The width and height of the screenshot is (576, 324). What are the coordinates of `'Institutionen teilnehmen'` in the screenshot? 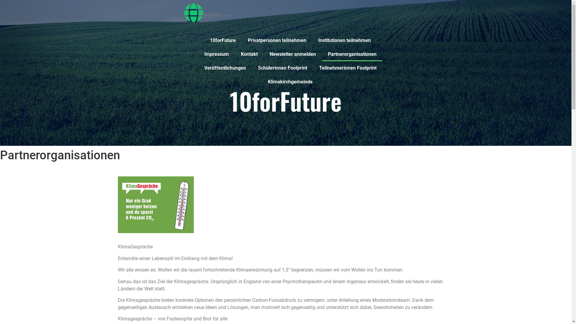 It's located at (344, 40).